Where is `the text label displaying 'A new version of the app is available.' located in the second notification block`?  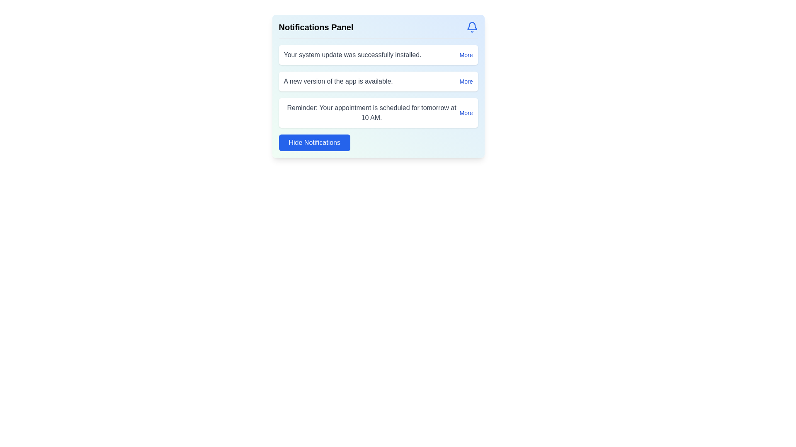 the text label displaying 'A new version of the app is available.' located in the second notification block is located at coordinates (338, 81).